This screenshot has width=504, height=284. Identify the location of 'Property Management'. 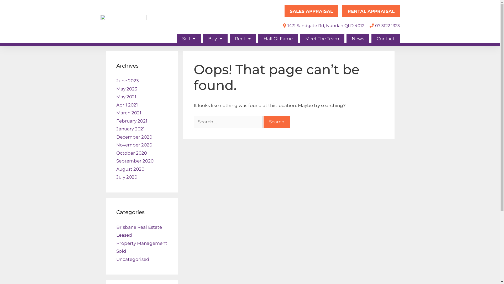
(141, 243).